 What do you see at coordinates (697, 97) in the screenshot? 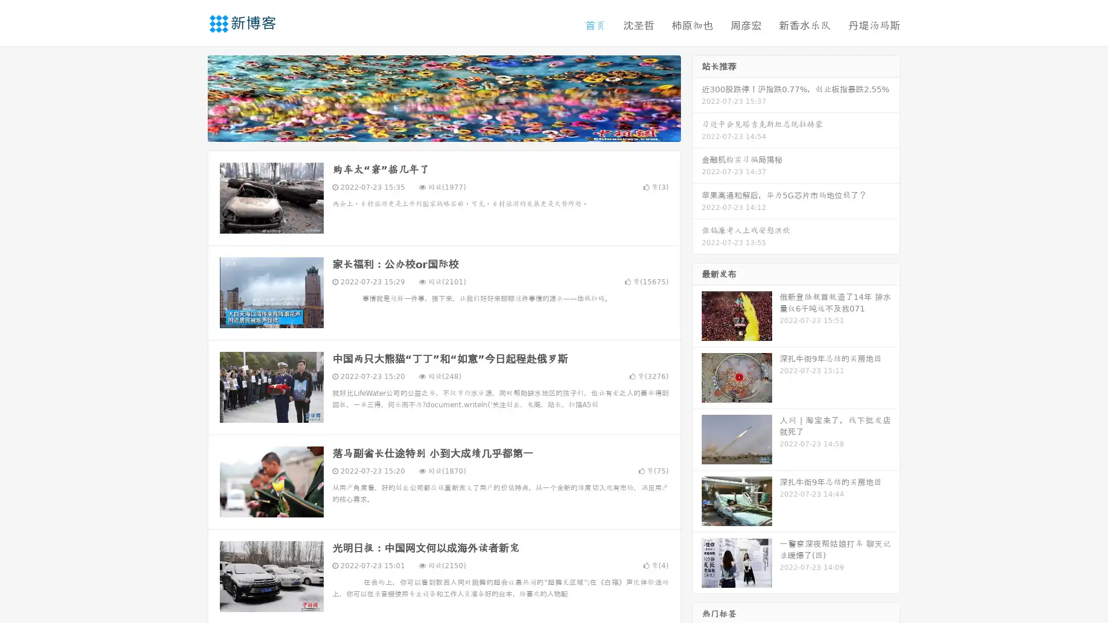
I see `Next slide` at bounding box center [697, 97].